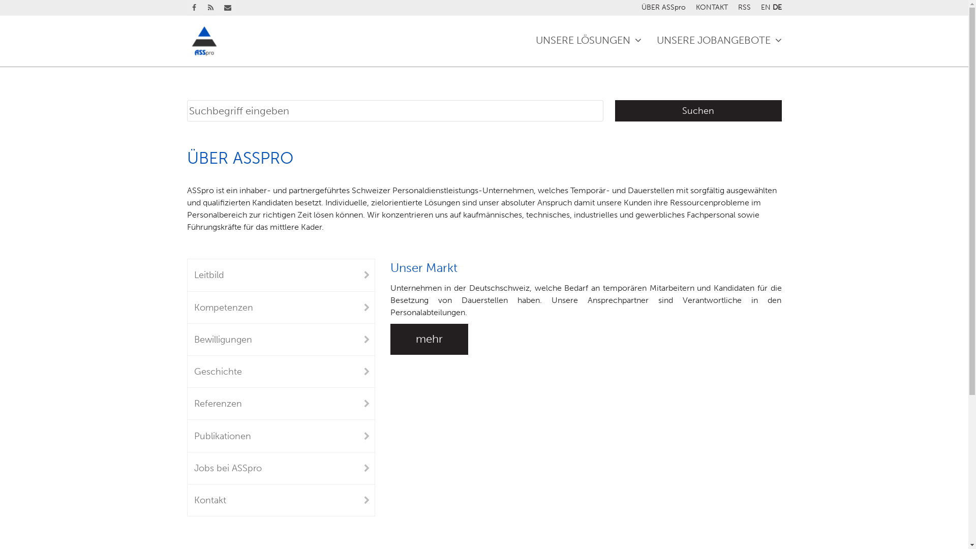 The width and height of the screenshot is (976, 549). I want to click on 'DE', so click(773, 7).